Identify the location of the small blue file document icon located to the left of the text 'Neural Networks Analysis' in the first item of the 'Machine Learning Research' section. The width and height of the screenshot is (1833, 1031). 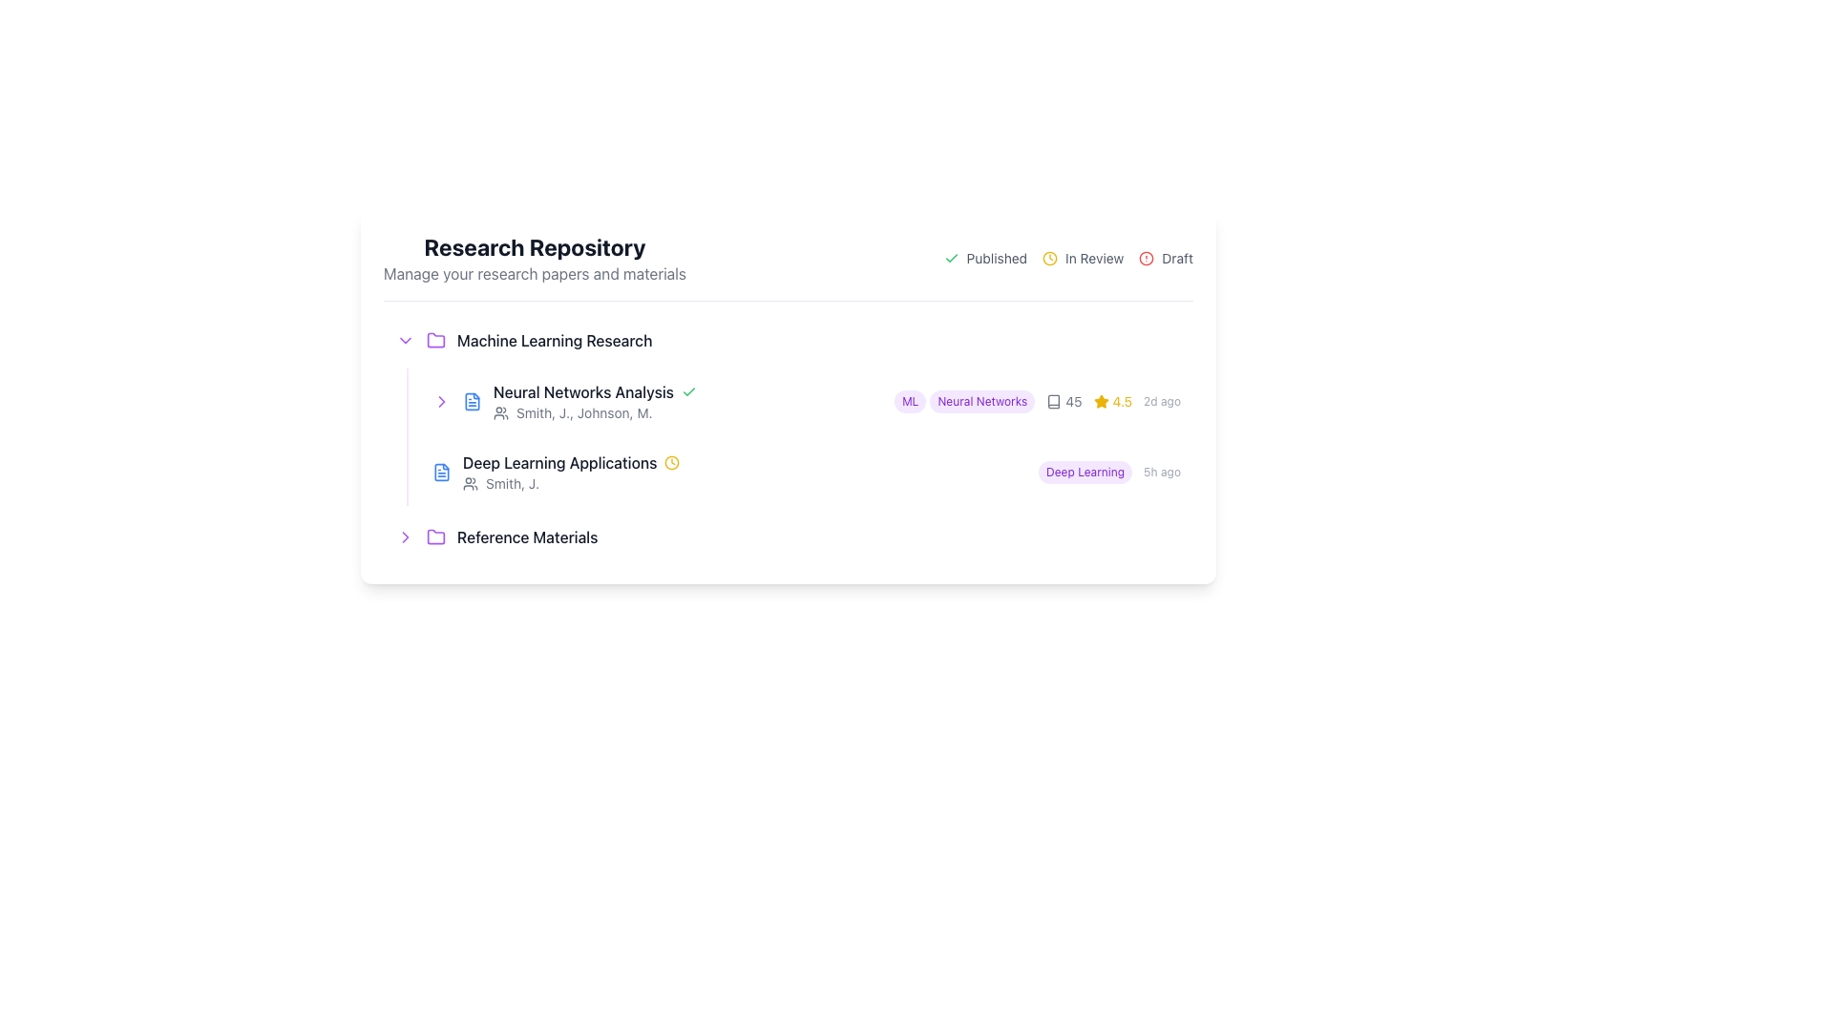
(472, 400).